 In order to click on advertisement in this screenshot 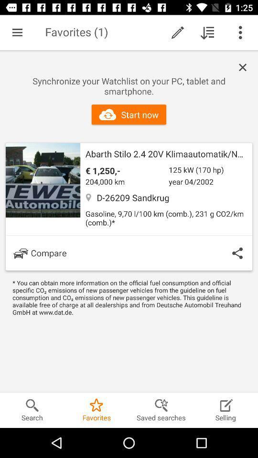, I will do `click(245, 67)`.